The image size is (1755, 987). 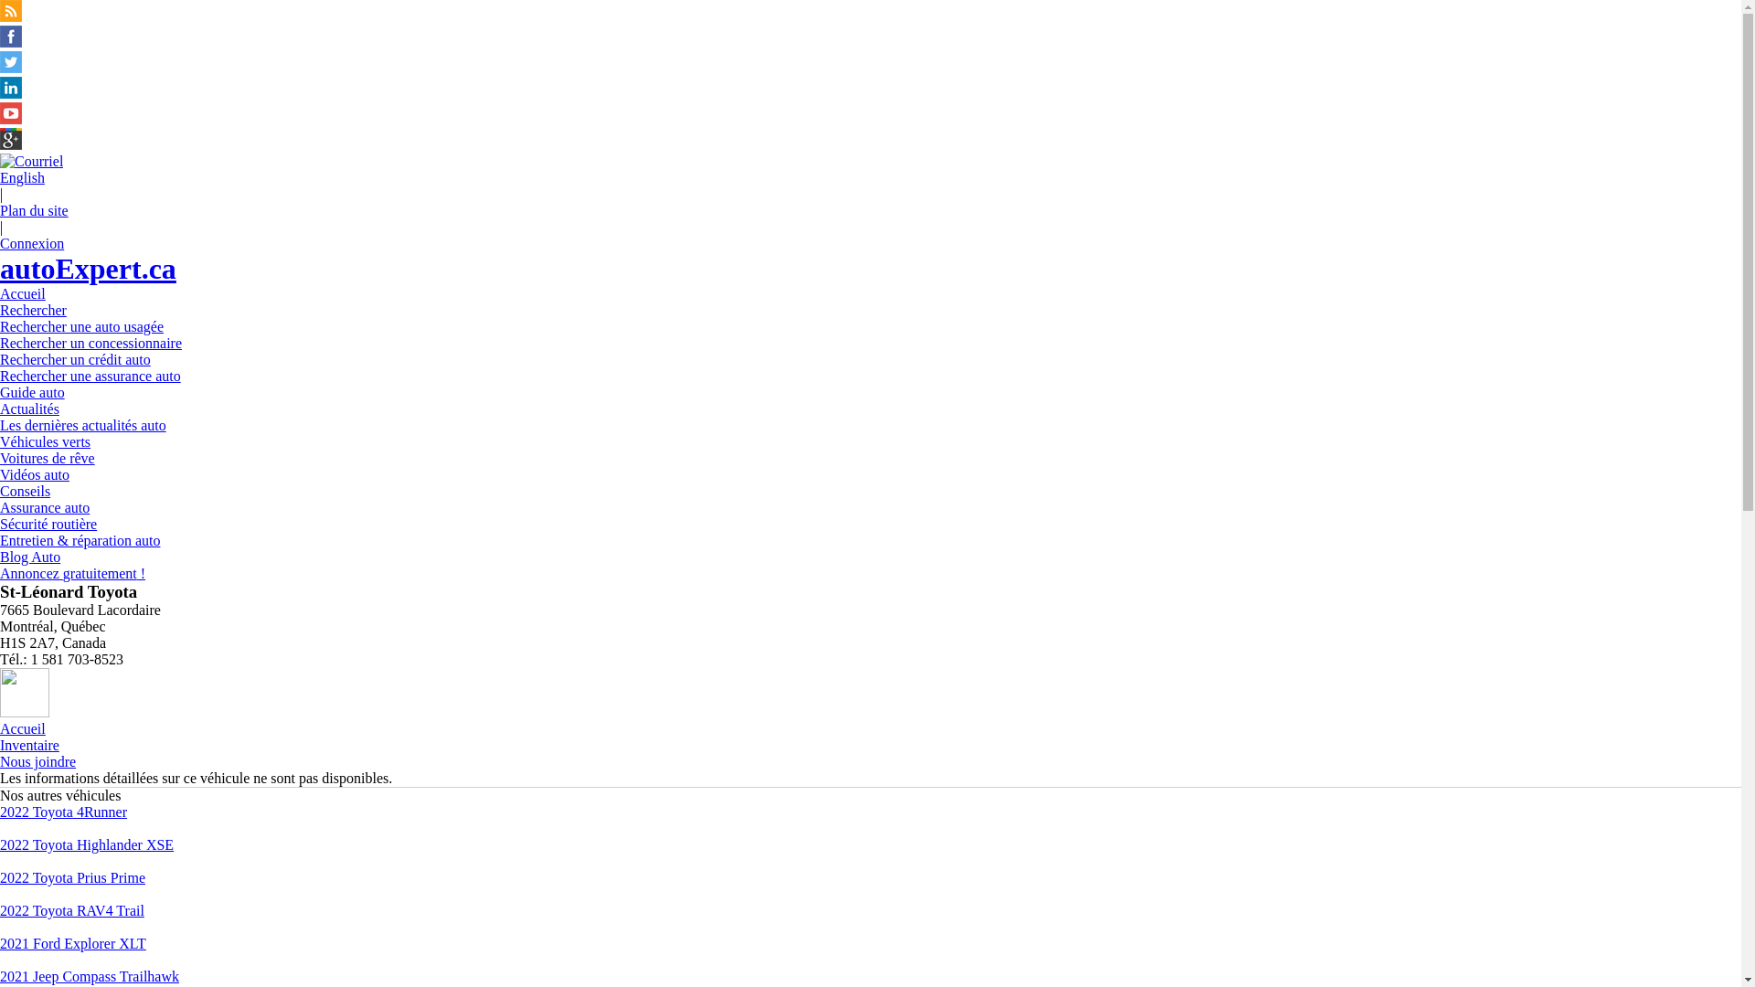 I want to click on 'Inventaire', so click(x=29, y=745).